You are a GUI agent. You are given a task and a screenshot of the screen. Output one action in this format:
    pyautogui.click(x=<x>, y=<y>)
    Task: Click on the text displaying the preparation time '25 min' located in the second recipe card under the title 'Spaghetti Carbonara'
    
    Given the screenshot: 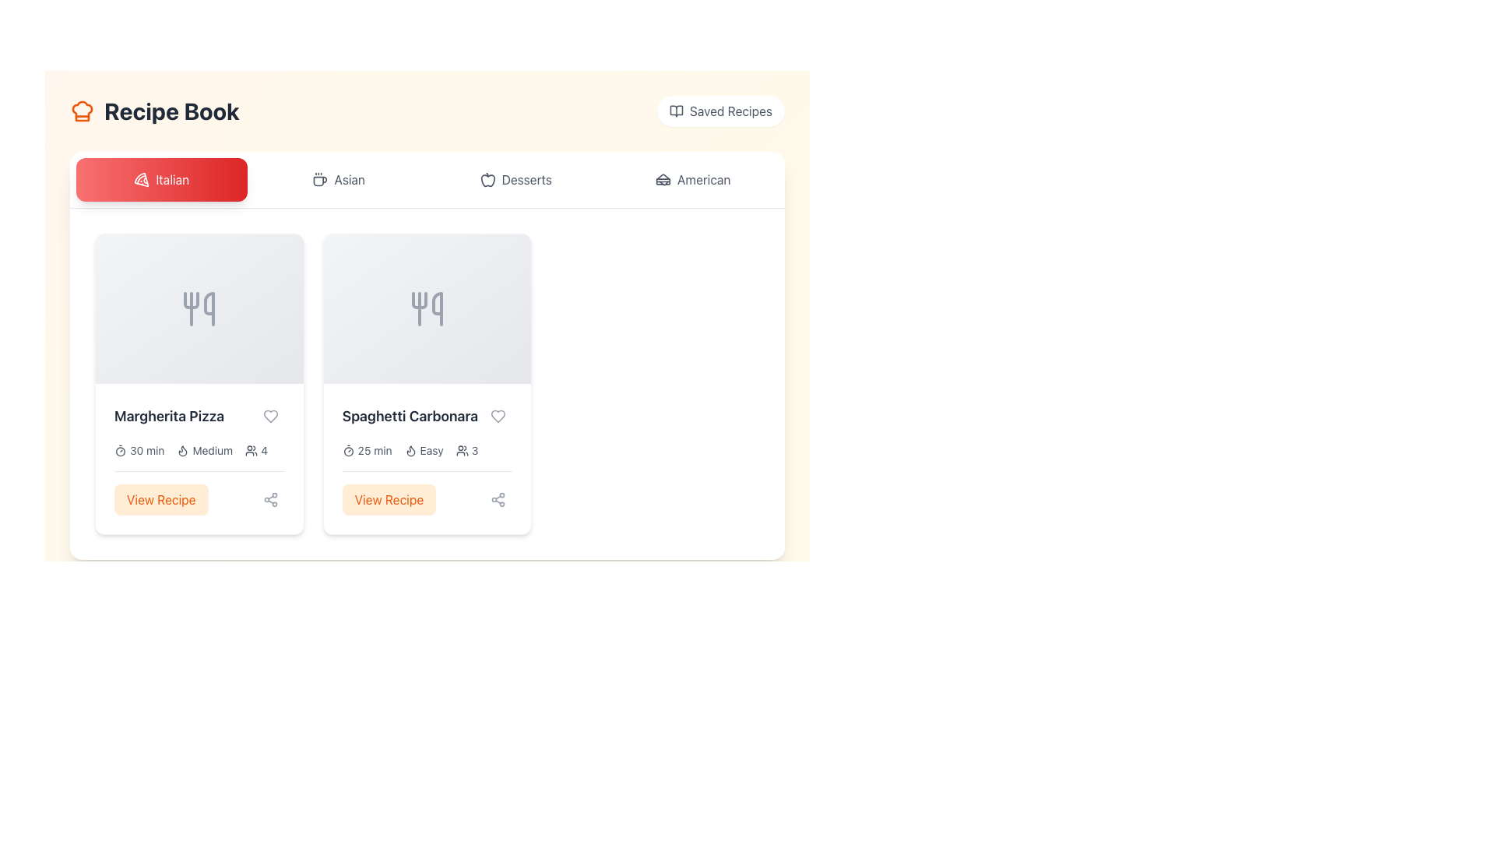 What is the action you would take?
    pyautogui.click(x=366, y=450)
    